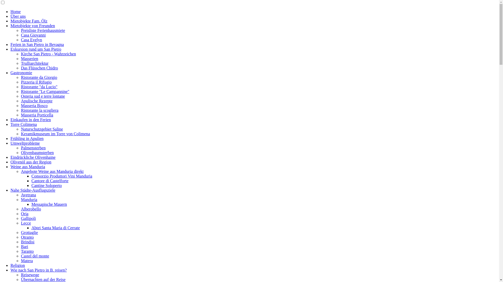 The width and height of the screenshot is (503, 282). What do you see at coordinates (21, 73) in the screenshot?
I see `'Gastronomie'` at bounding box center [21, 73].